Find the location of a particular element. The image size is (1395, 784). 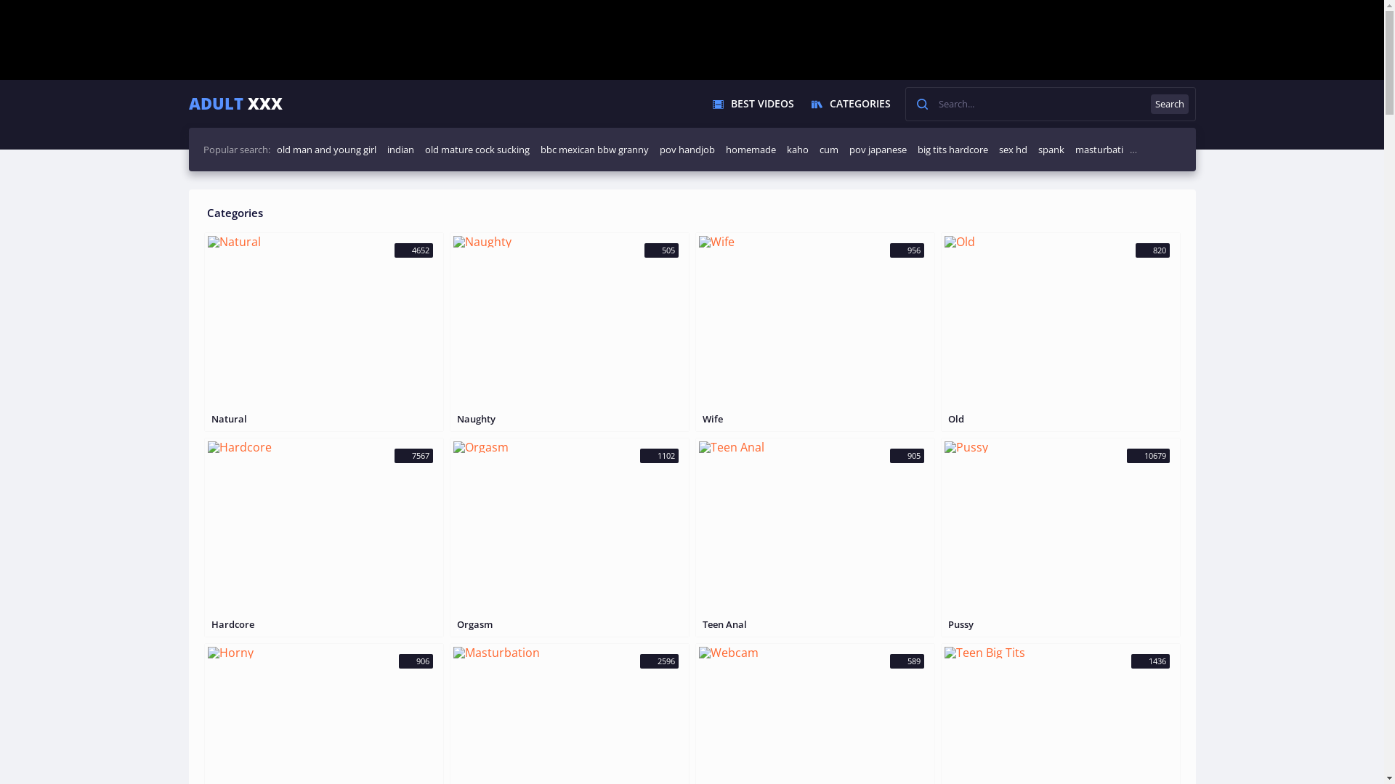

'masturbati' is located at coordinates (1099, 149).